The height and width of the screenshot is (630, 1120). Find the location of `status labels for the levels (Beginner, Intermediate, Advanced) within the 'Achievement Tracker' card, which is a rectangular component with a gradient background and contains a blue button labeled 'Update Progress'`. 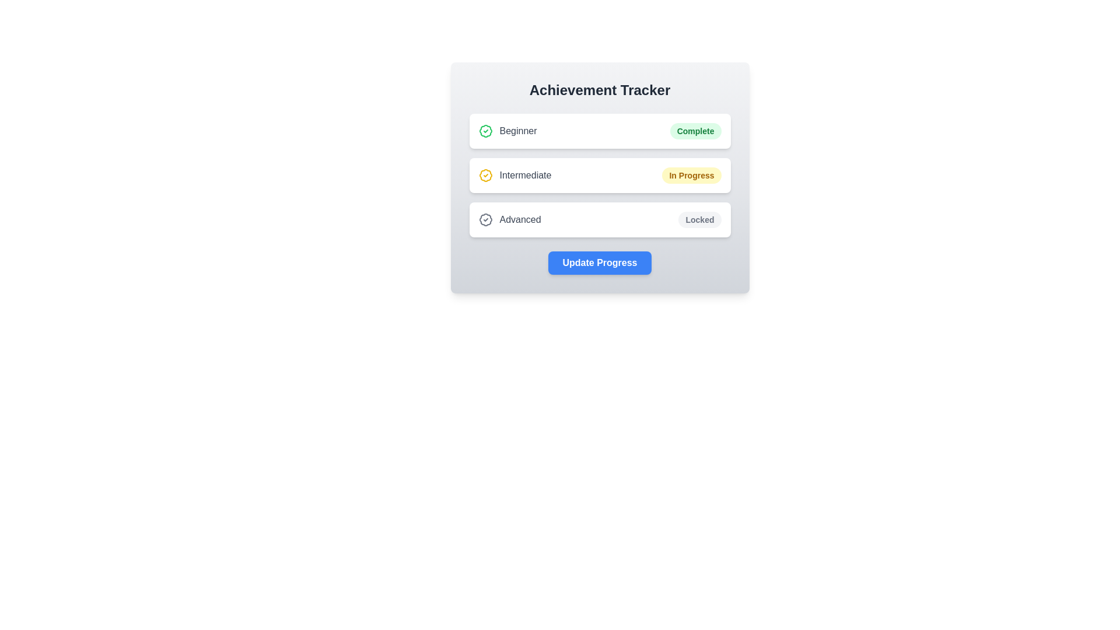

status labels for the levels (Beginner, Intermediate, Advanced) within the 'Achievement Tracker' card, which is a rectangular component with a gradient background and contains a blue button labeled 'Update Progress' is located at coordinates (600, 177).